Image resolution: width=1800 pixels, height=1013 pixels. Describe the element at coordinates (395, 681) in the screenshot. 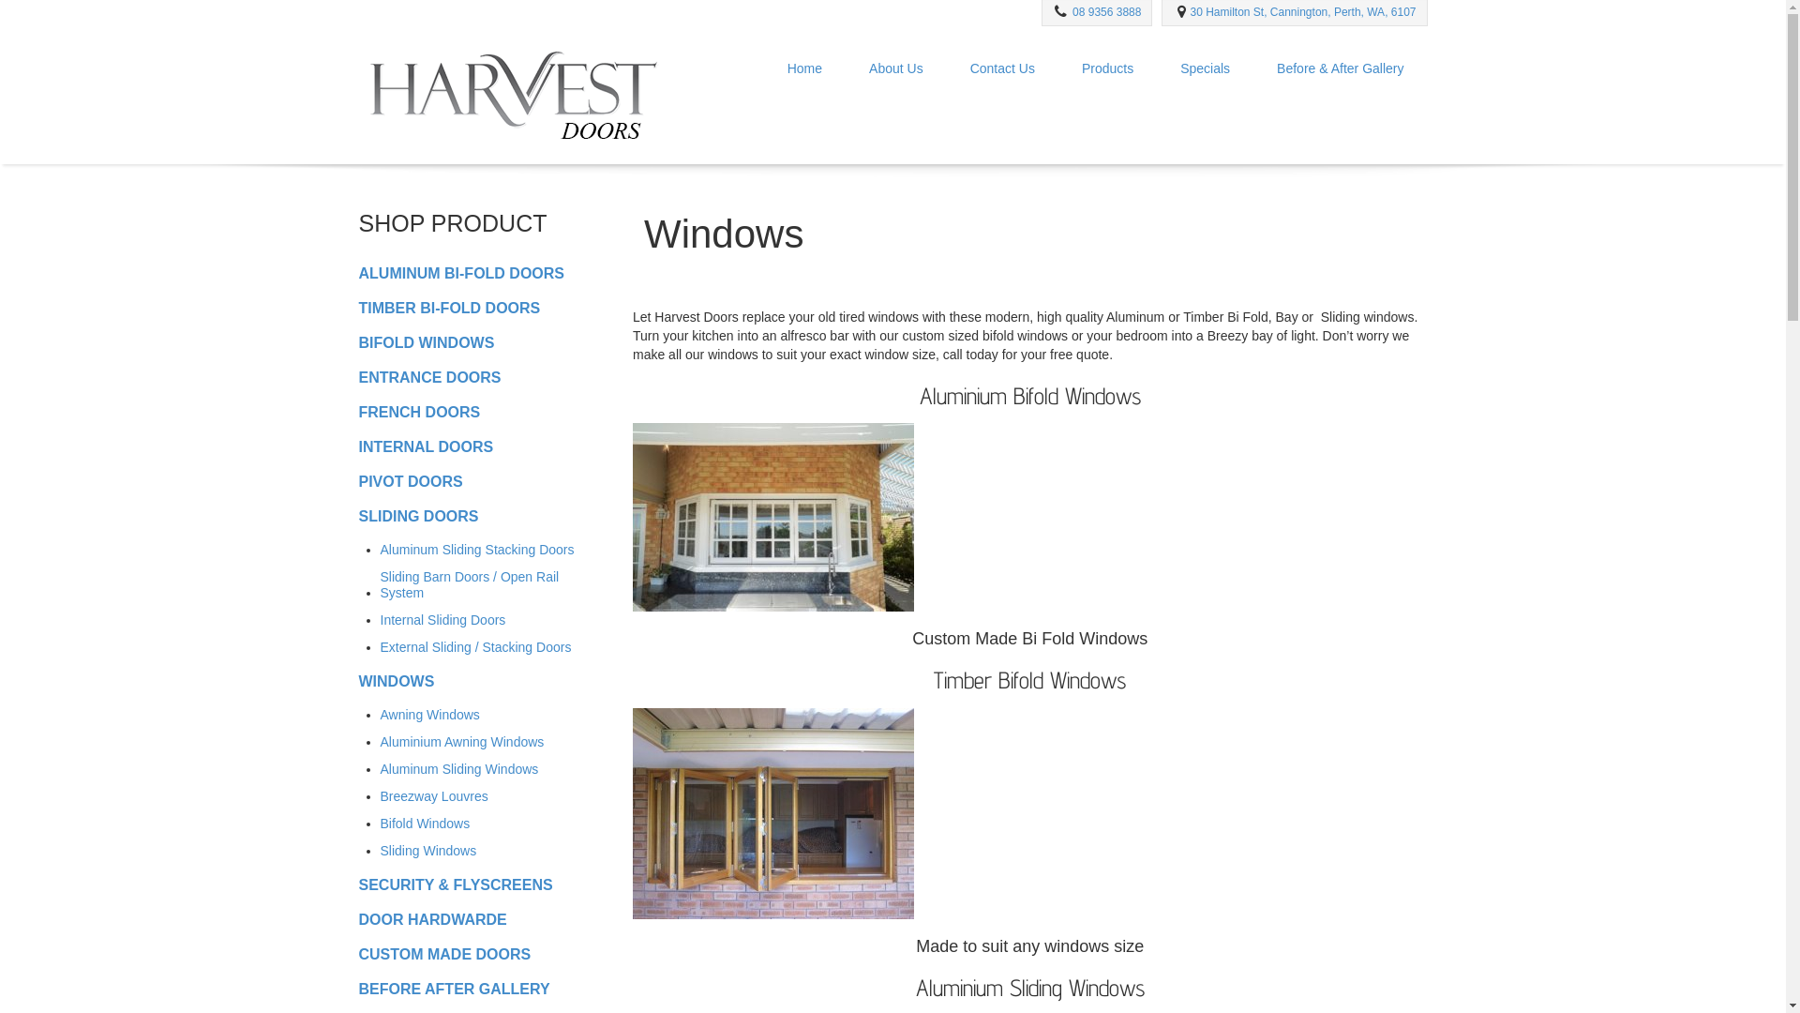

I see `'WINDOWS'` at that location.